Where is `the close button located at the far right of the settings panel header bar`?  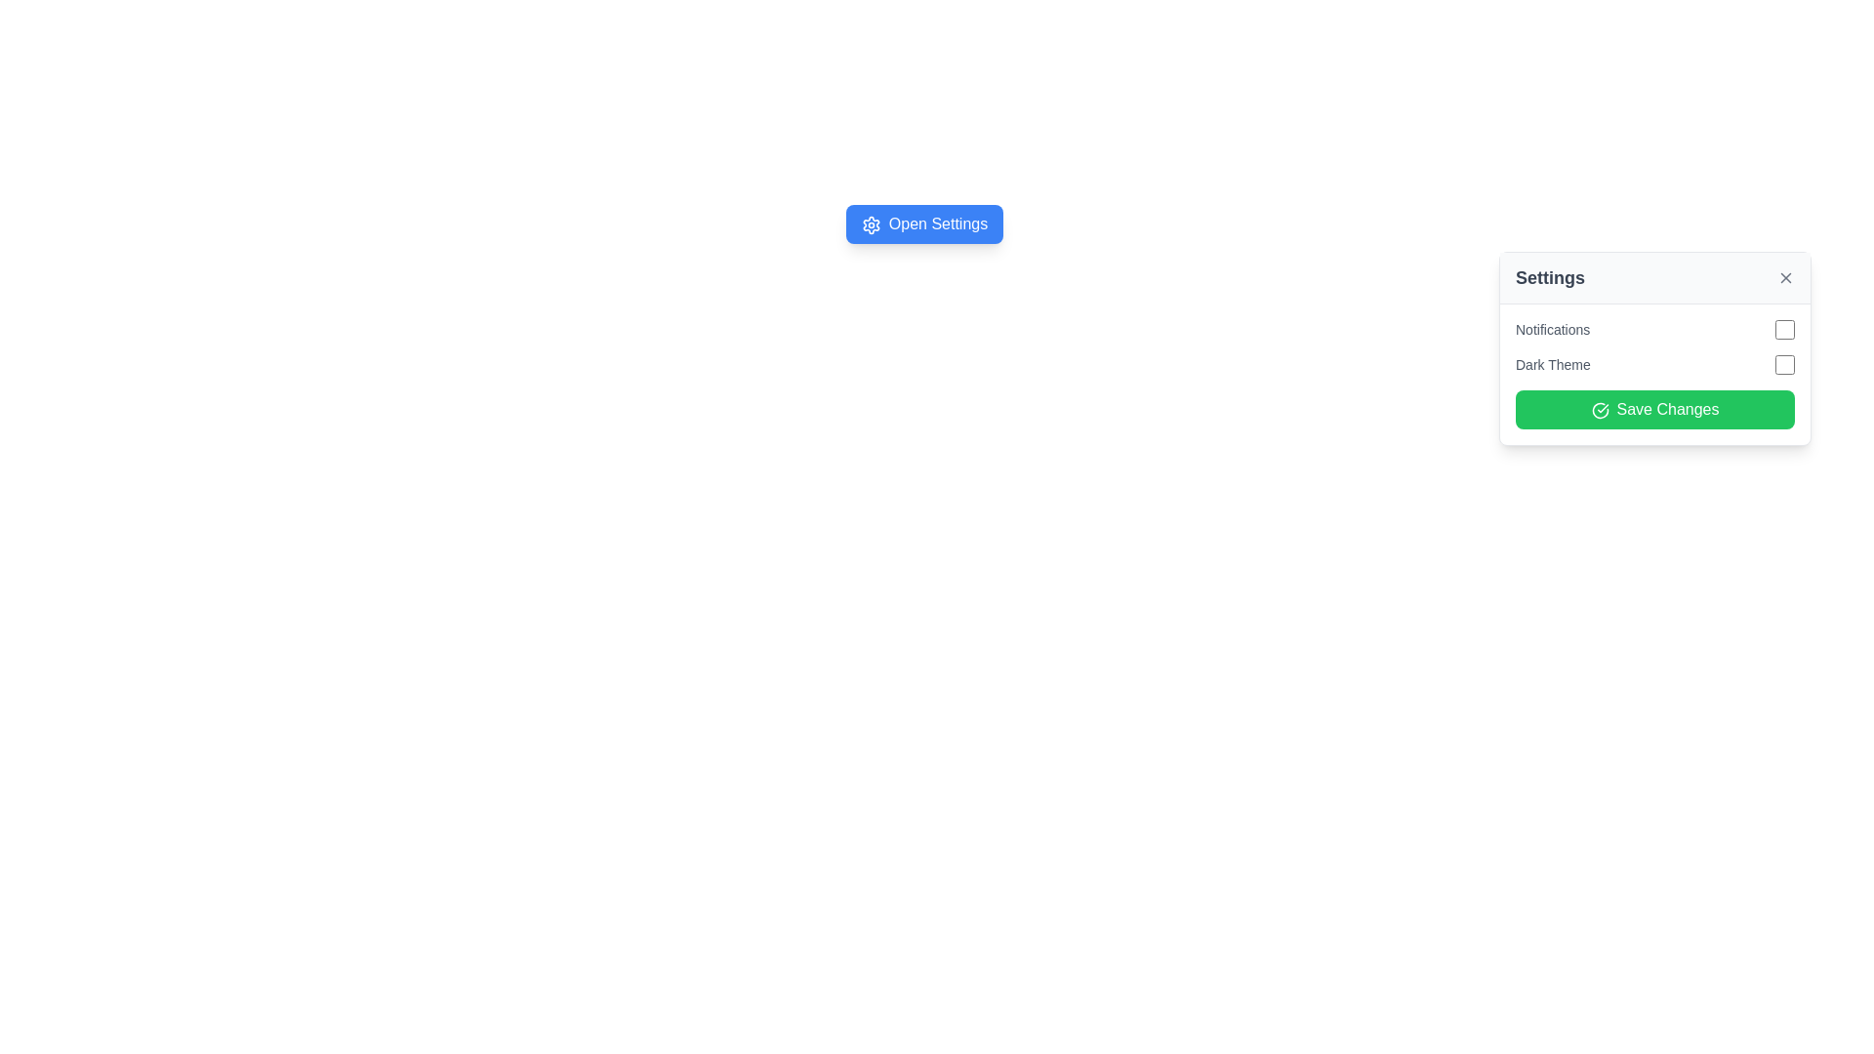 the close button located at the far right of the settings panel header bar is located at coordinates (1785, 278).